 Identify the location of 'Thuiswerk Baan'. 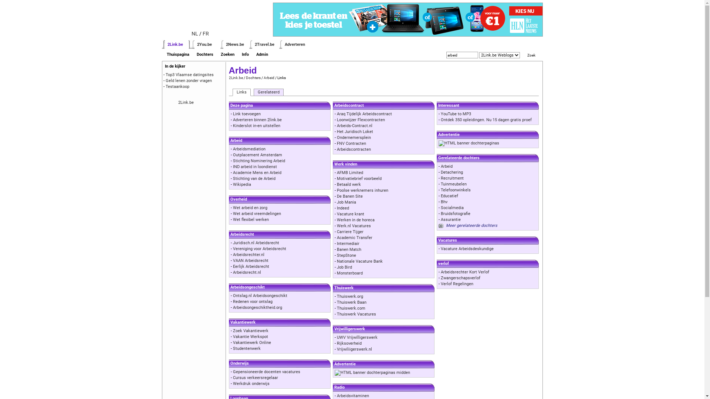
(351, 302).